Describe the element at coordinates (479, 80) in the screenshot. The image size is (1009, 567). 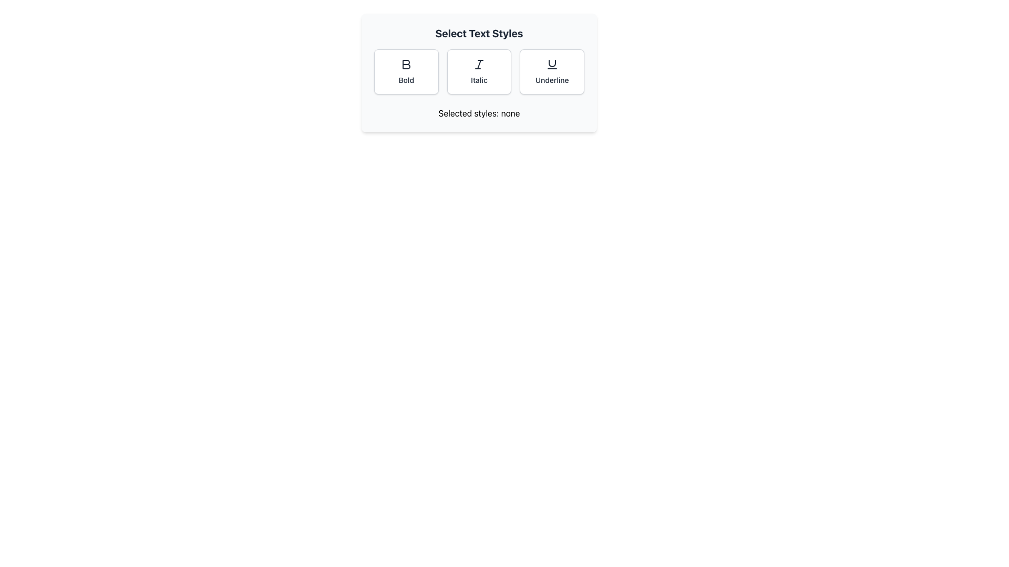
I see `the text element reading 'Italic', which is styled in a regular font and located beneath the italicized 'I' icon within a rounded white box` at that location.